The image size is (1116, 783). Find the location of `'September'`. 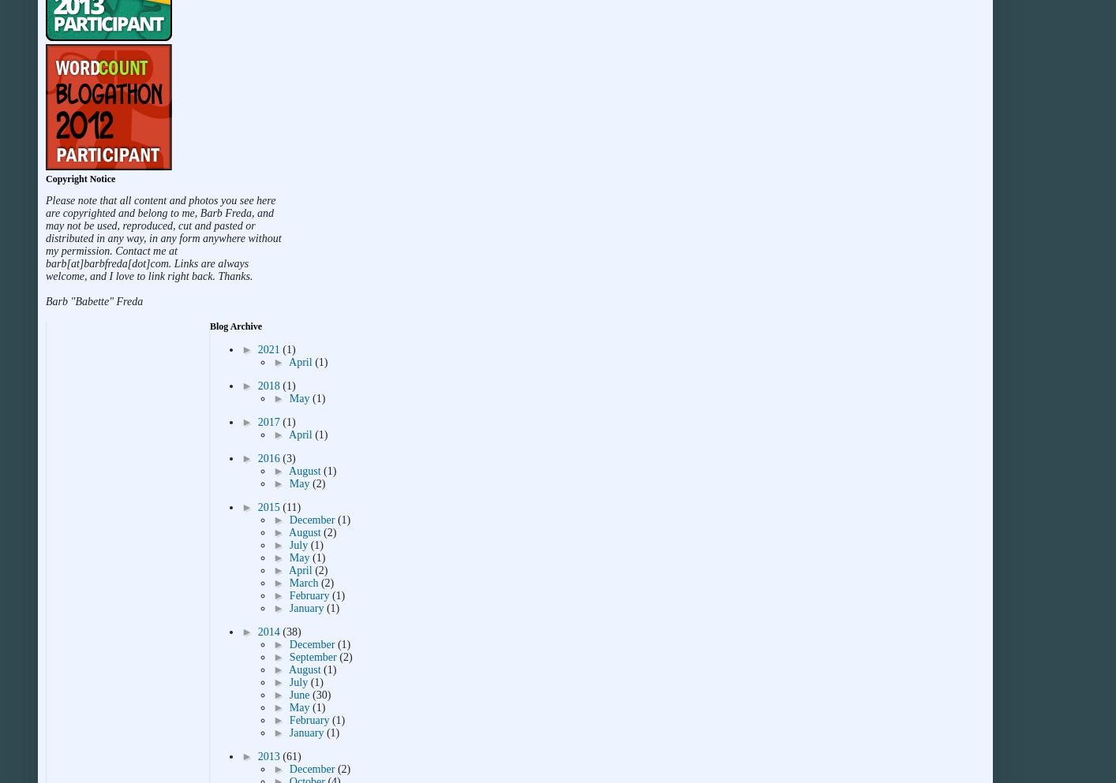

'September' is located at coordinates (288, 657).